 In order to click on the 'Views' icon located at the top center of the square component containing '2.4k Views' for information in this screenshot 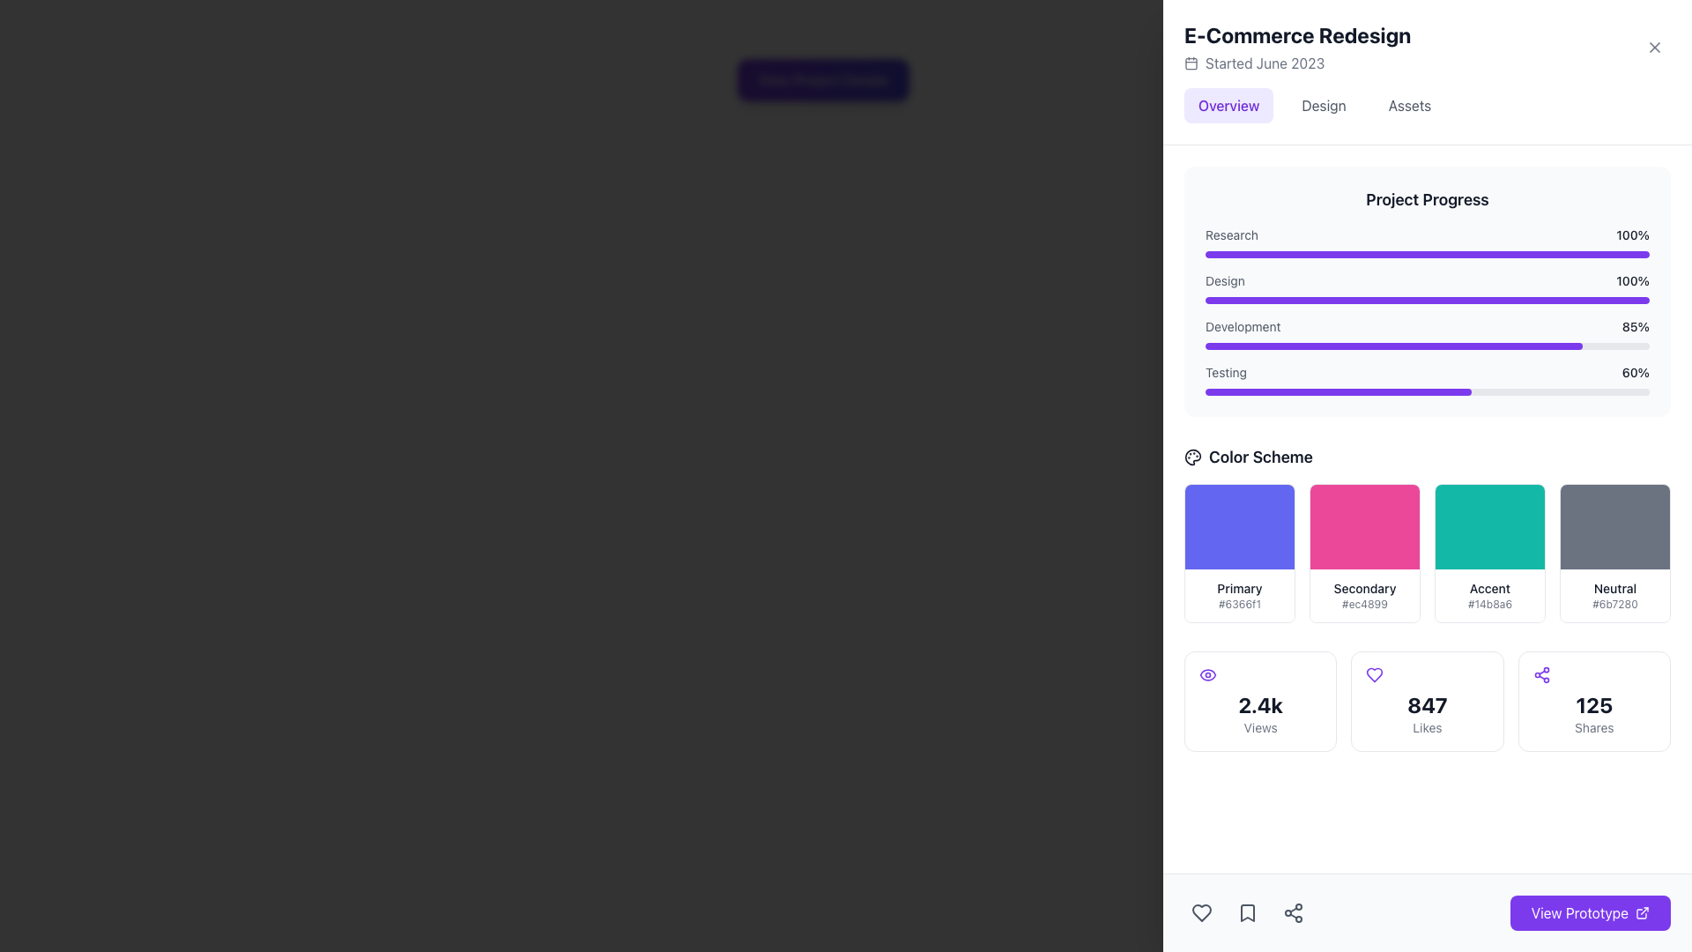, I will do `click(1207, 674)`.